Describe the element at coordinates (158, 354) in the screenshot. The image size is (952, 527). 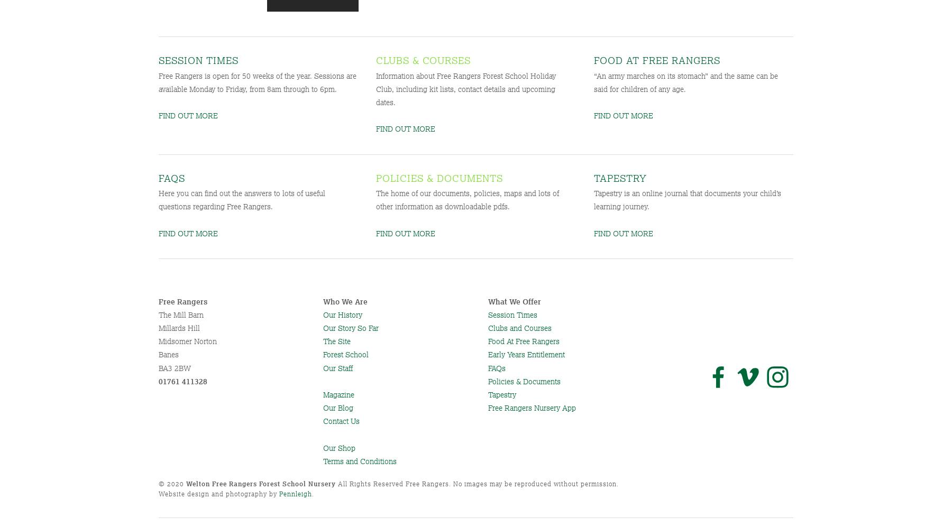
I see `'Banes'` at that location.